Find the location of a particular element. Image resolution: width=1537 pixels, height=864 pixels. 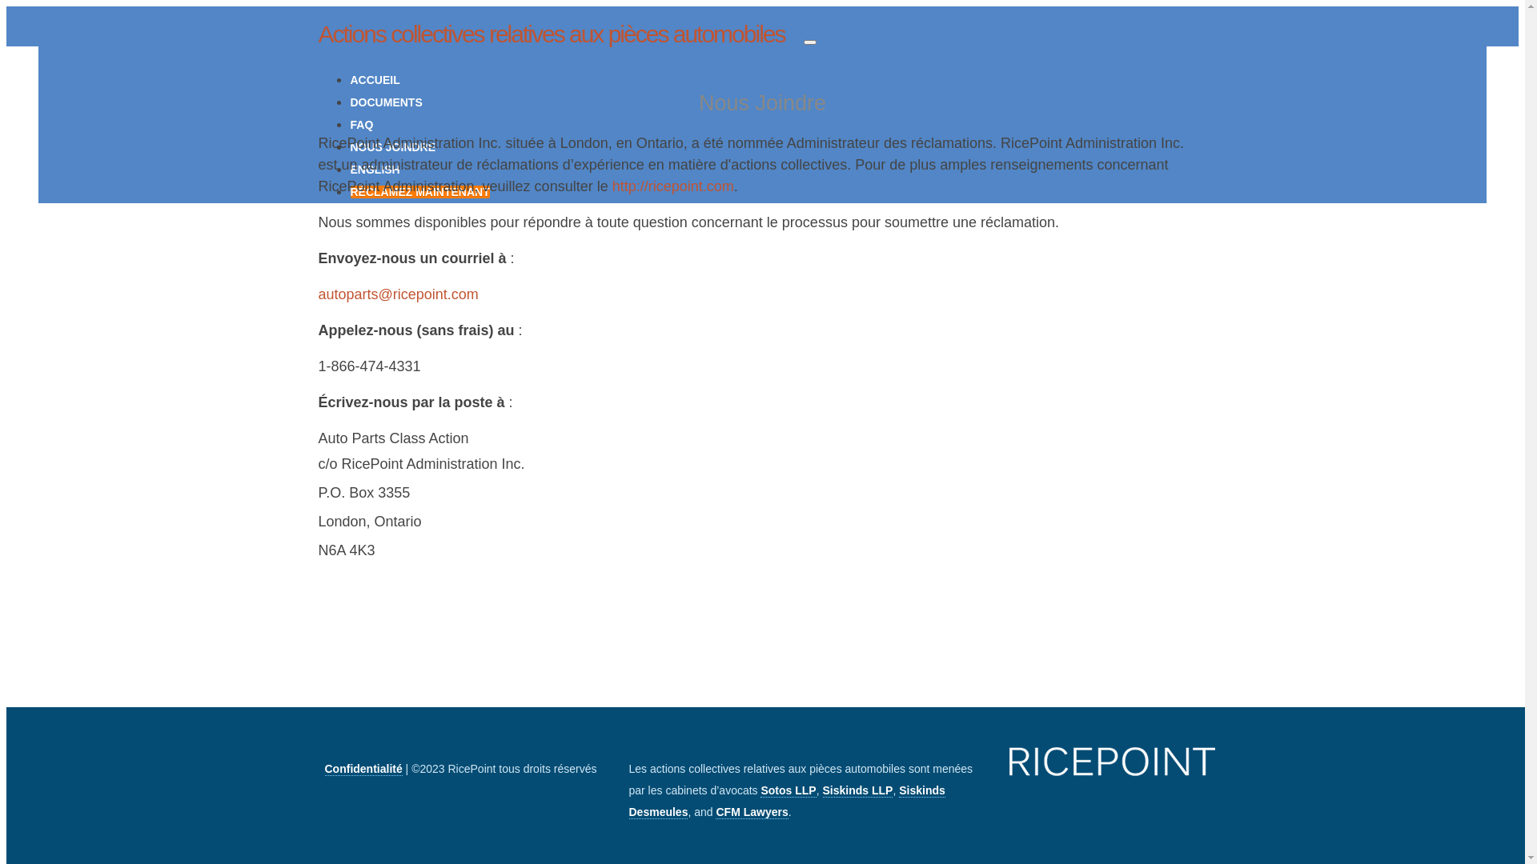

'http://ricepoint.com' is located at coordinates (672, 185).